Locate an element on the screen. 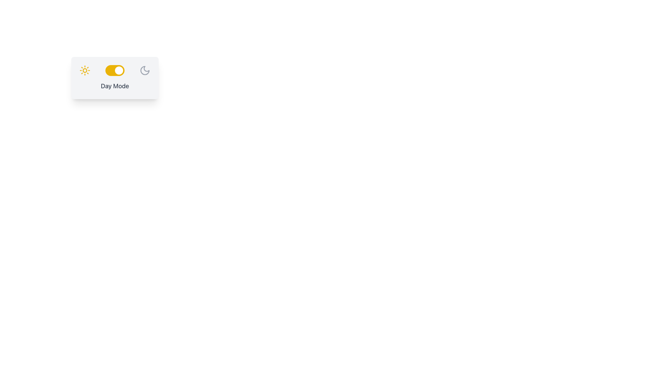  text content of the 'Day Mode' label, which is a medium-sized gray text located centrally under a toggle switch in a card interface is located at coordinates (115, 86).